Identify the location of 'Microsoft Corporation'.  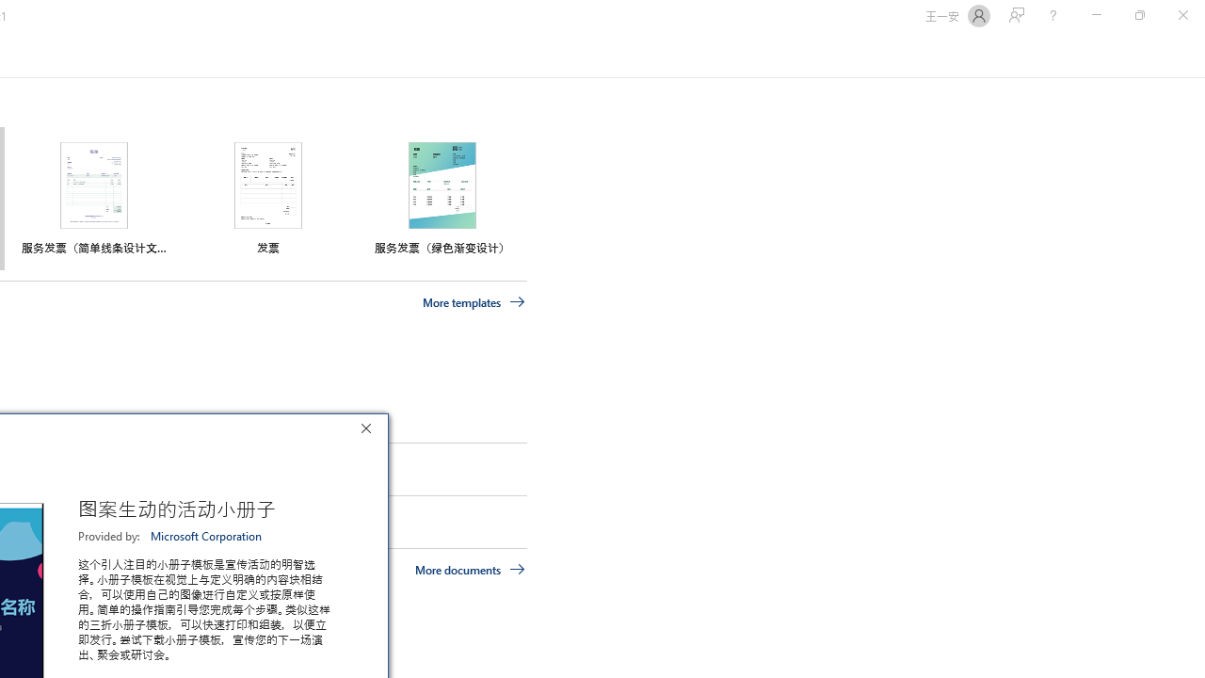
(207, 536).